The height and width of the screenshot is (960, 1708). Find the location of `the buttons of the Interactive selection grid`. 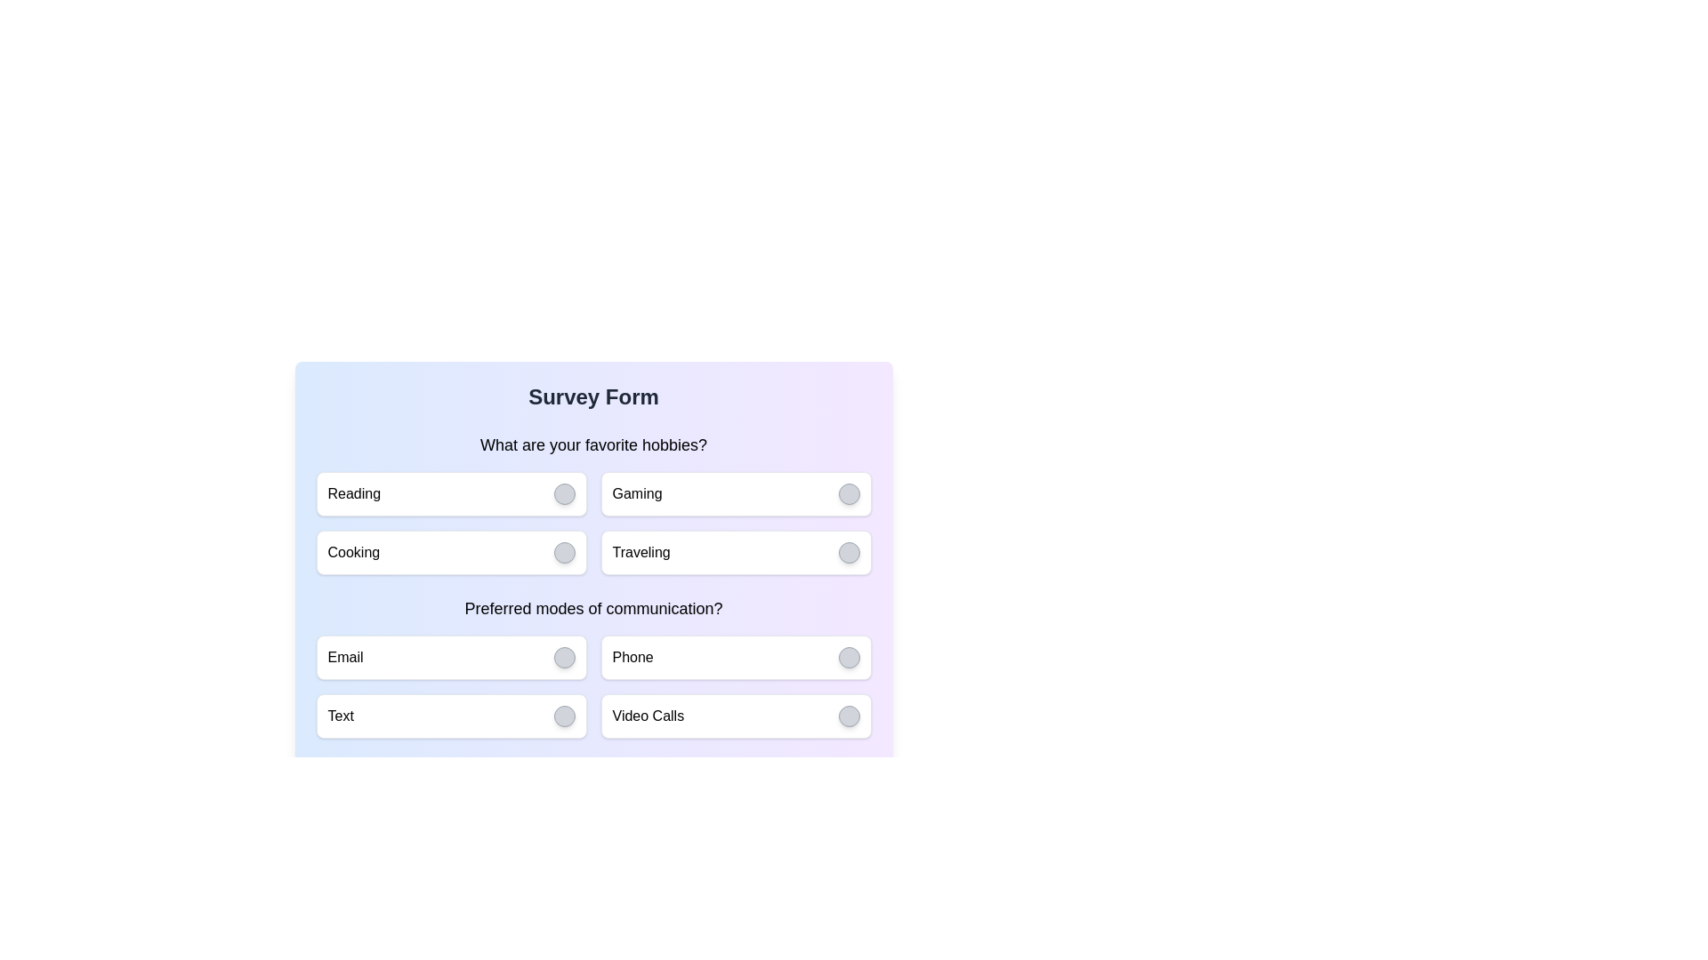

the buttons of the Interactive selection grid is located at coordinates (593, 523).